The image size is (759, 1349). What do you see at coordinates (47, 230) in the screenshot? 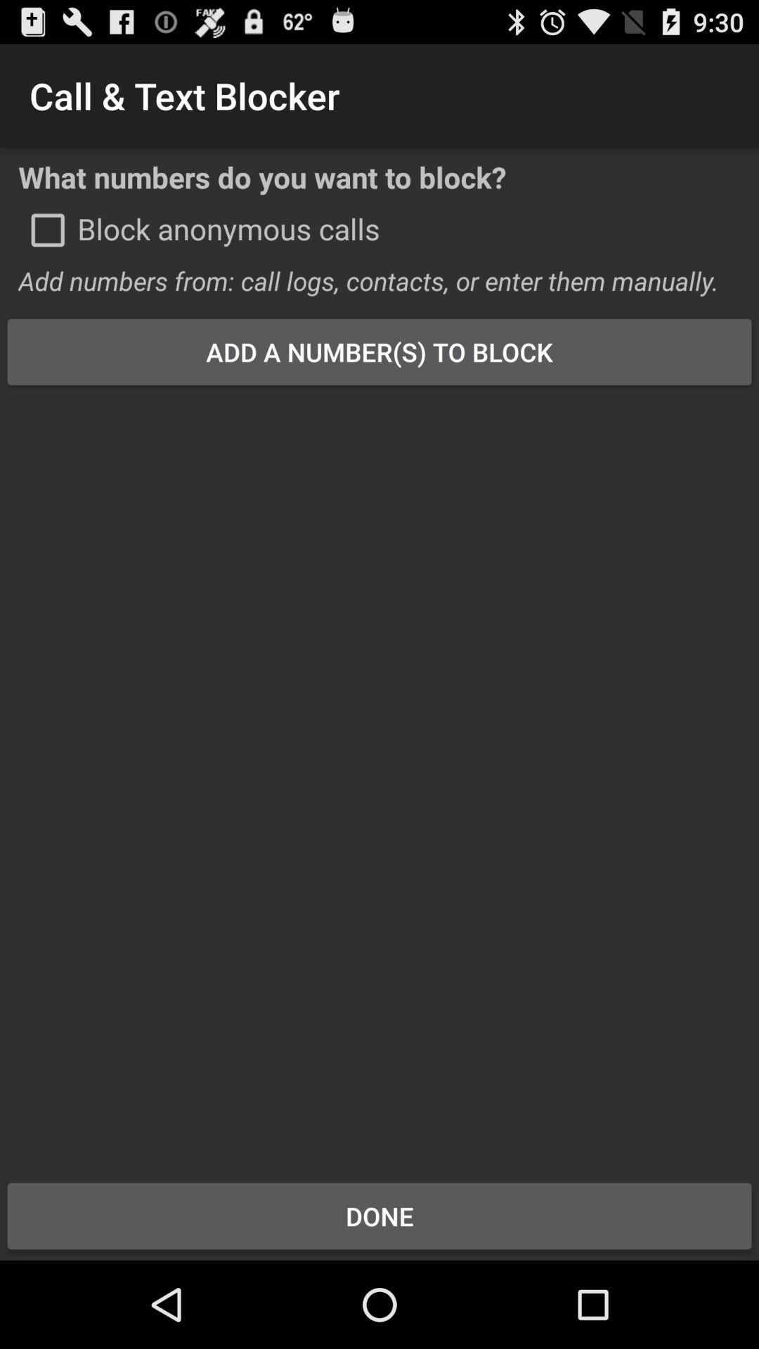
I see `the app to the left of block anonymous calls item` at bounding box center [47, 230].